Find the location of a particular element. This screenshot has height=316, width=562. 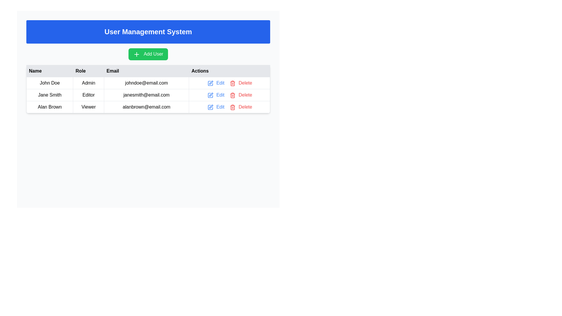

the Text Label displaying 'John Doe', located in the first row and first column of the table under the 'Name' heading is located at coordinates (50, 83).